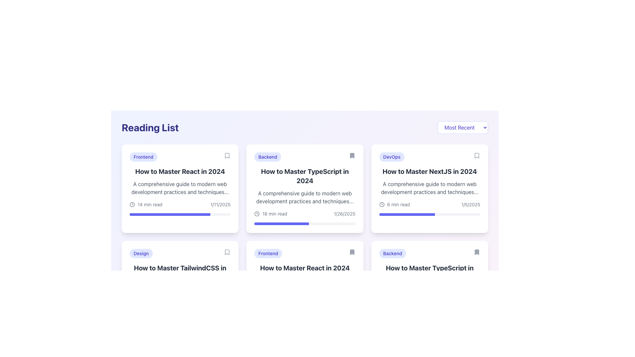 The width and height of the screenshot is (635, 357). Describe the element at coordinates (132, 204) in the screenshot. I see `the circular clock icon with a gray outline located in the bottom-left corner of the card labeled 'How to Master React in 2024'` at that location.